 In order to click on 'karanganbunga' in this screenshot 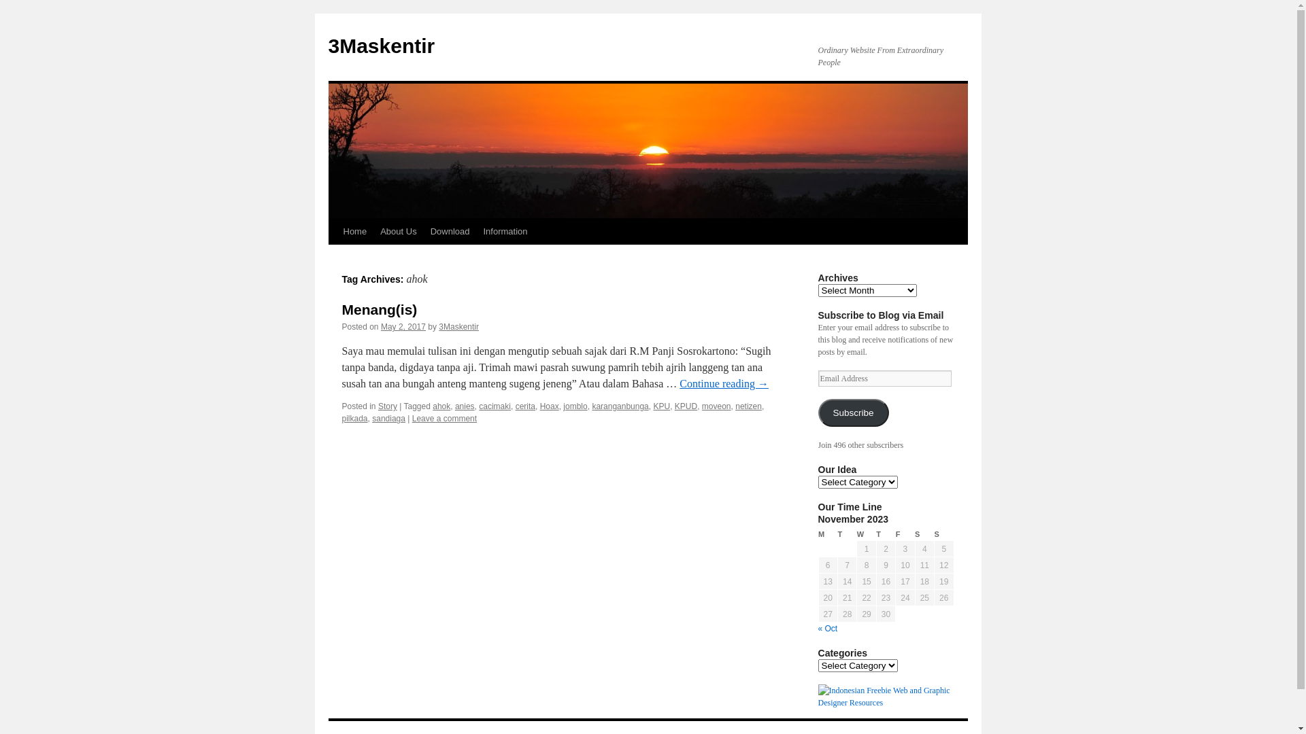, I will do `click(619, 405)`.